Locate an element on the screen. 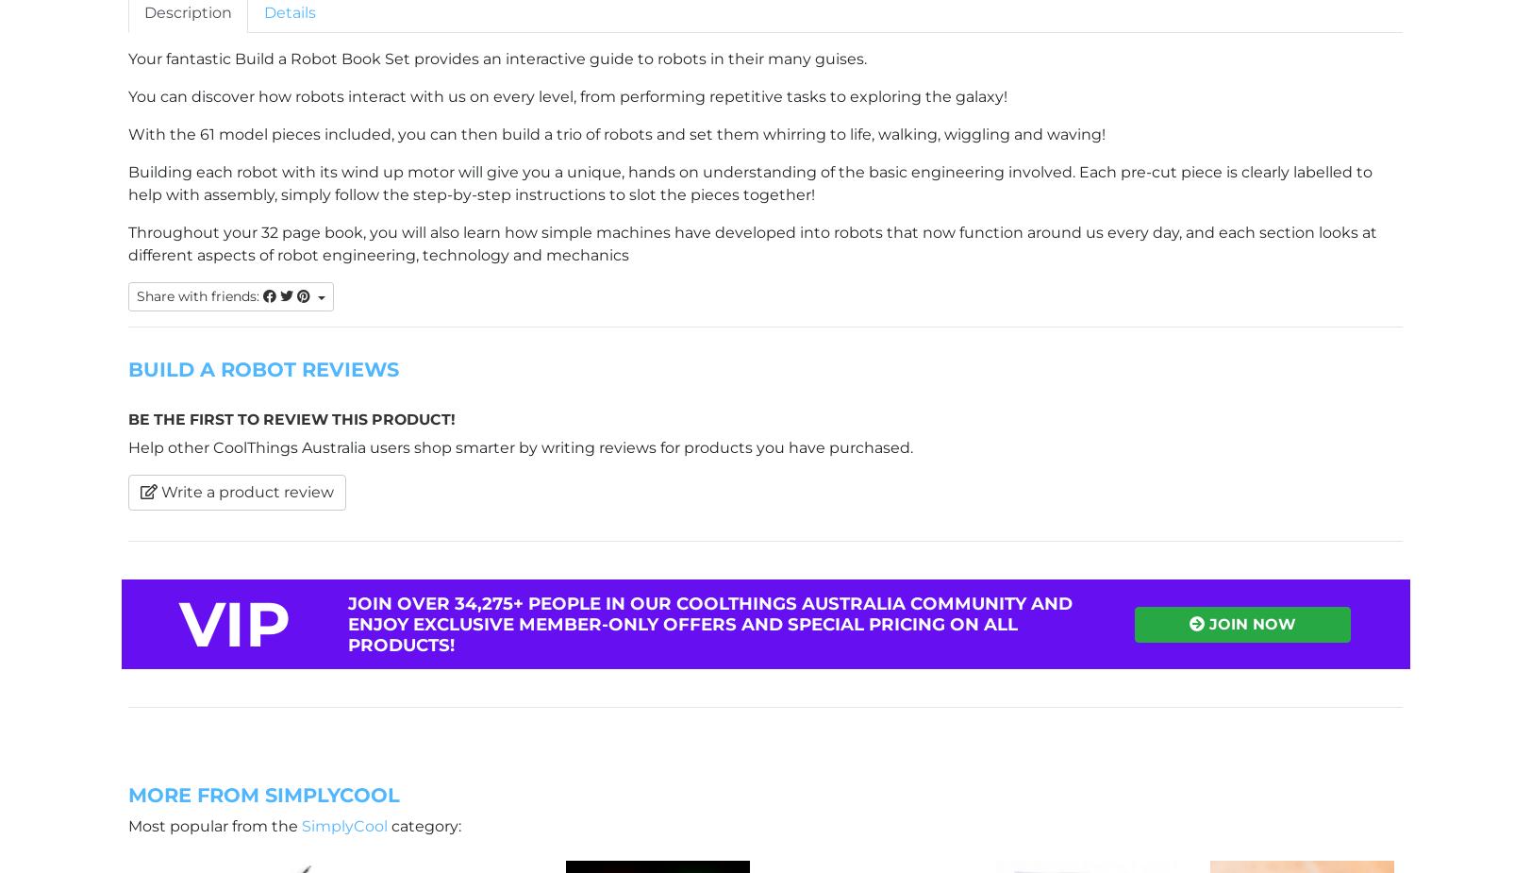  'More From SimplyCool' is located at coordinates (128, 795).